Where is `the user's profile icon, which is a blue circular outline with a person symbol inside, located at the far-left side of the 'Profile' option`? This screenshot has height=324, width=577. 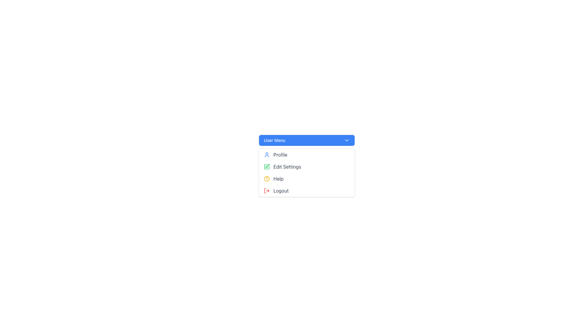 the user's profile icon, which is a blue circular outline with a person symbol inside, located at the far-left side of the 'Profile' option is located at coordinates (267, 154).